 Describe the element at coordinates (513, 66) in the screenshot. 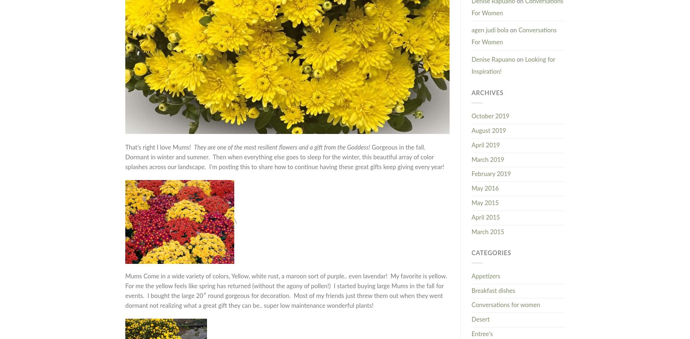

I see `'Looking for Inspiration!'` at that location.